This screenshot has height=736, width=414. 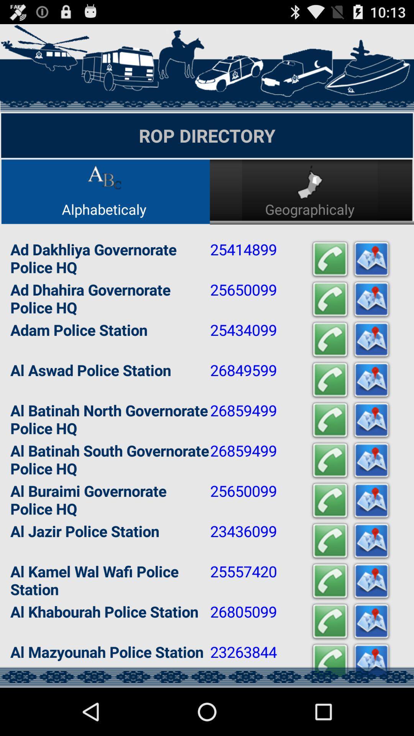 I want to click on the wallpaper icon, so click(x=371, y=622).